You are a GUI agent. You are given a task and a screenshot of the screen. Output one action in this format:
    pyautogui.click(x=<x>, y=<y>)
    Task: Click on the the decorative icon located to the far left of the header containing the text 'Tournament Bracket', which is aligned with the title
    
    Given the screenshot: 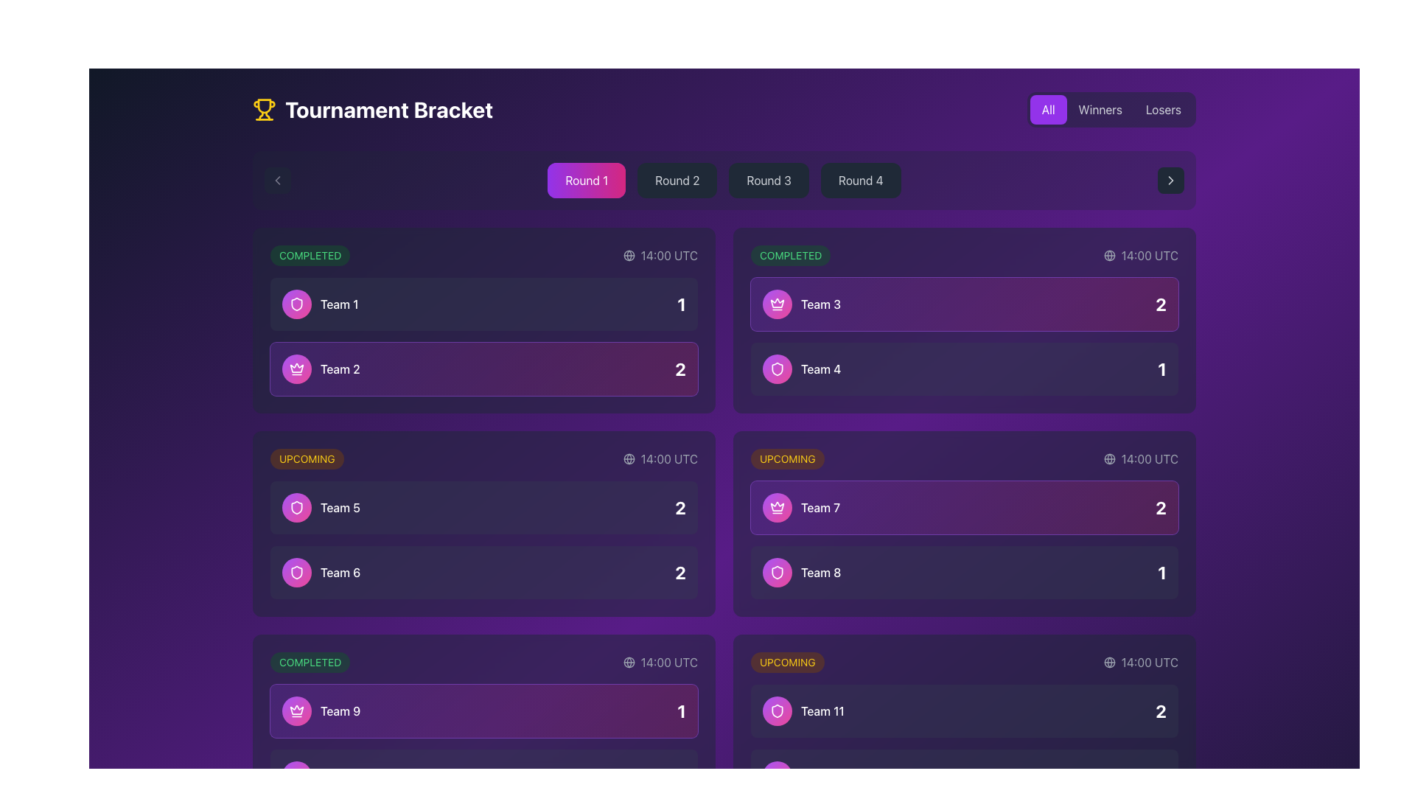 What is the action you would take?
    pyautogui.click(x=265, y=109)
    